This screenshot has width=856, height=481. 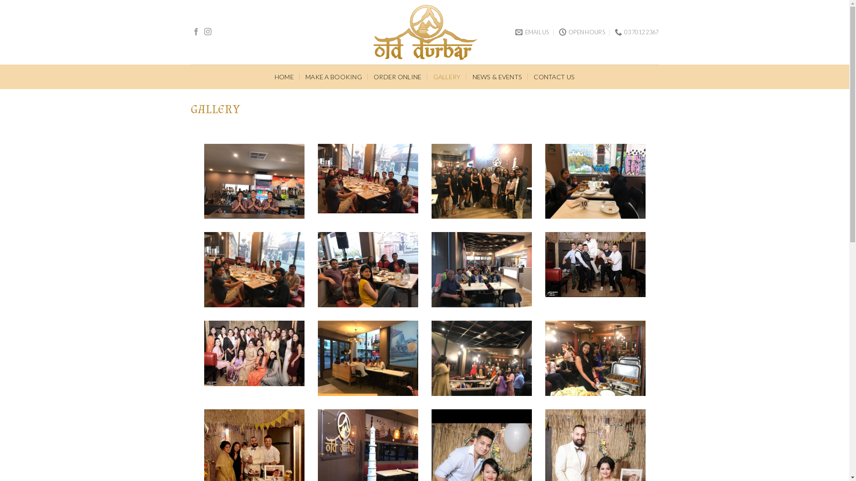 What do you see at coordinates (203, 32) in the screenshot?
I see `'Follow on Instagram'` at bounding box center [203, 32].